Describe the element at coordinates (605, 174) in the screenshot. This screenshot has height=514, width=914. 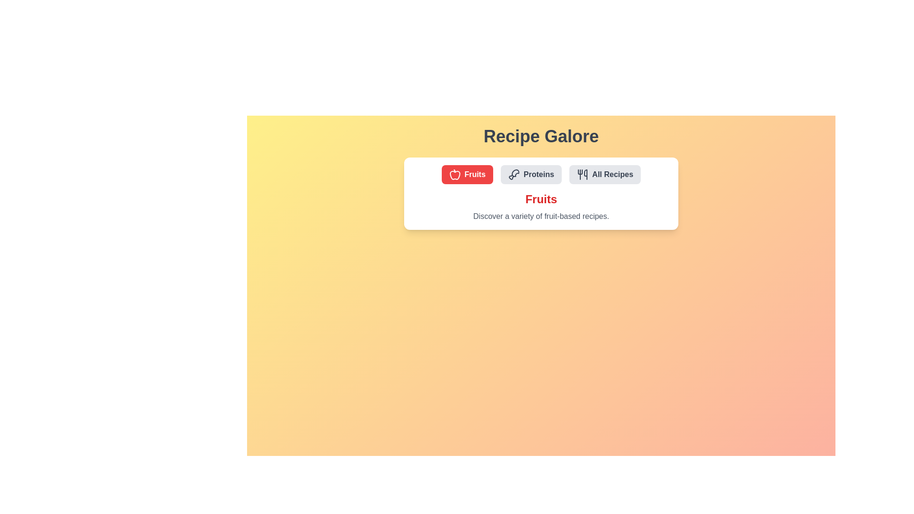
I see `the button labeled All Recipes to observe the hover effect` at that location.